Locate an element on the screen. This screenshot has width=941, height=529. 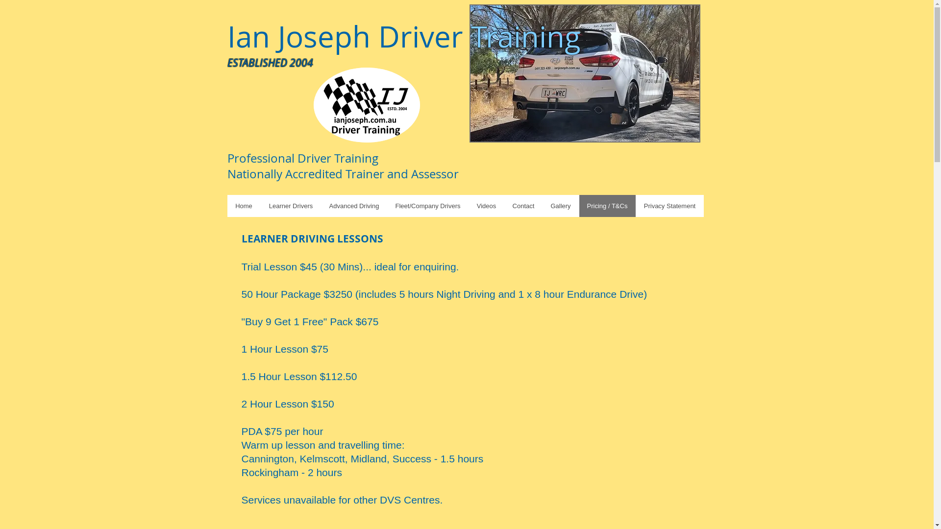
'Home' is located at coordinates (244, 205).